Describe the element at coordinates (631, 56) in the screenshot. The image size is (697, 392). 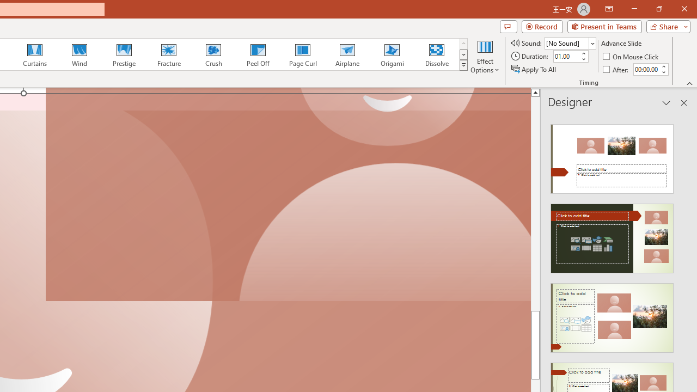
I see `'On Mouse Click'` at that location.